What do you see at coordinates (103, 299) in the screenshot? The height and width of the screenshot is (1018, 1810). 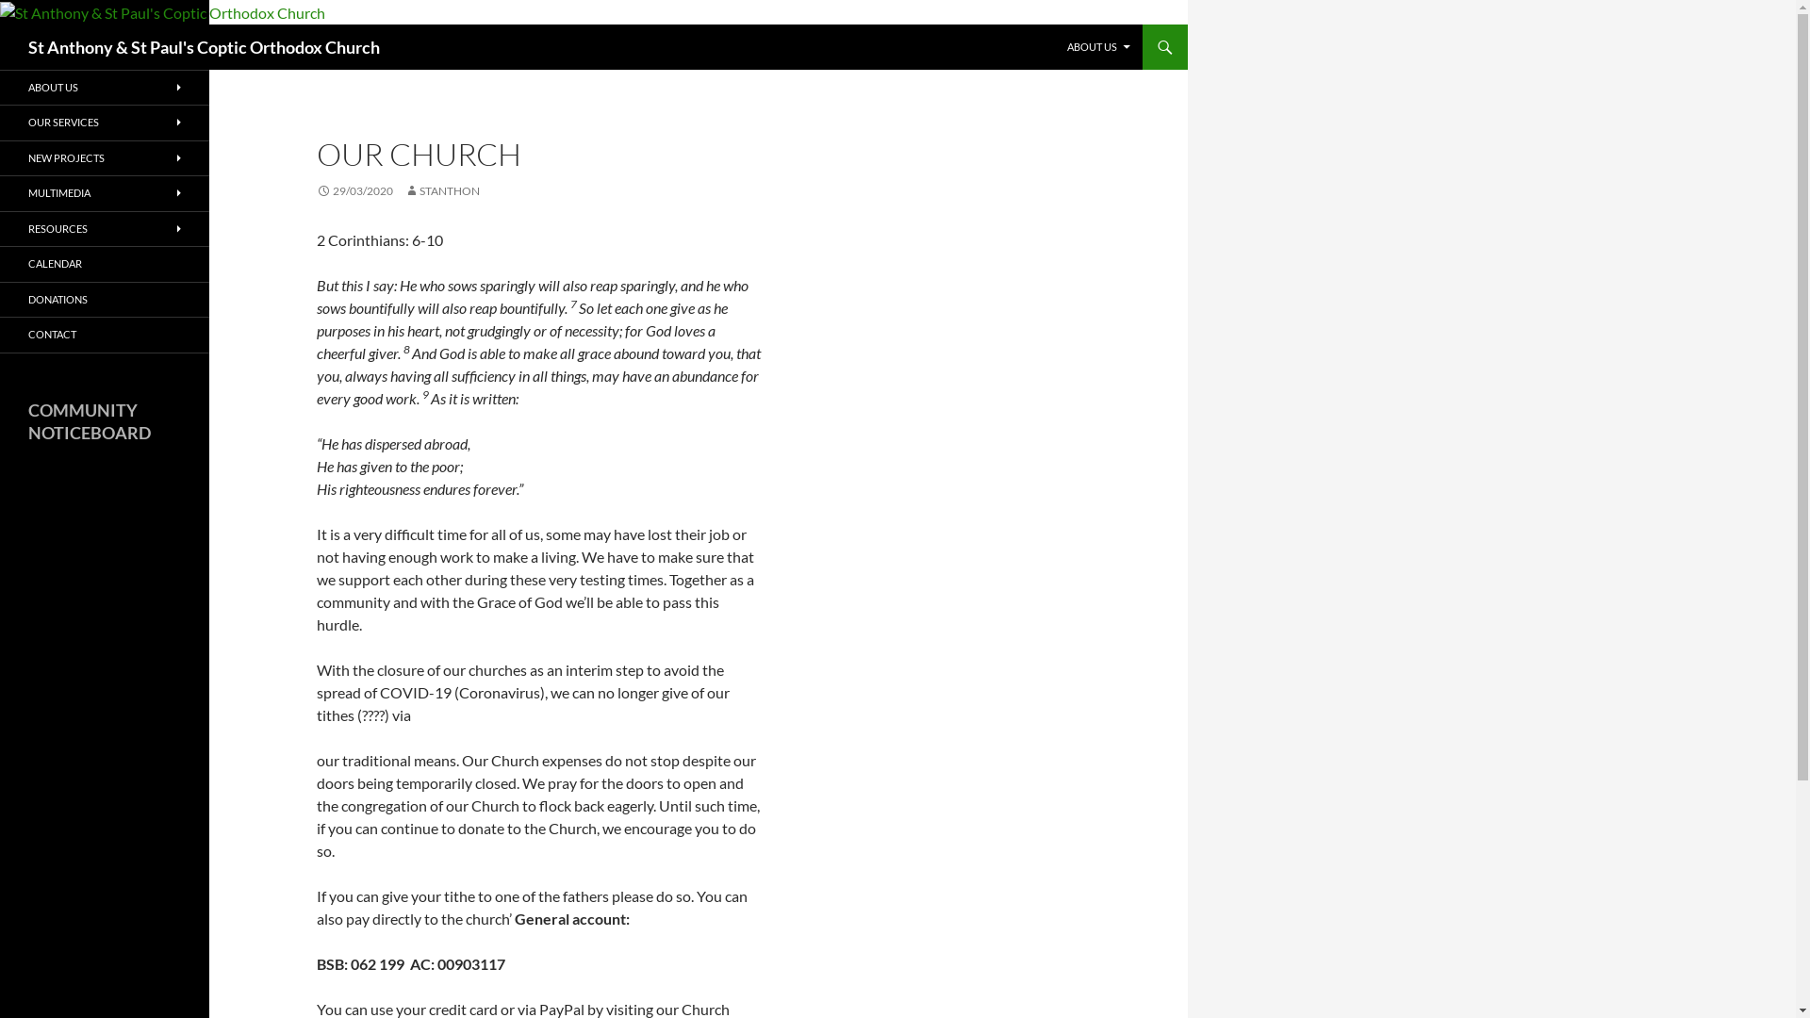 I see `'DONATIONS'` at bounding box center [103, 299].